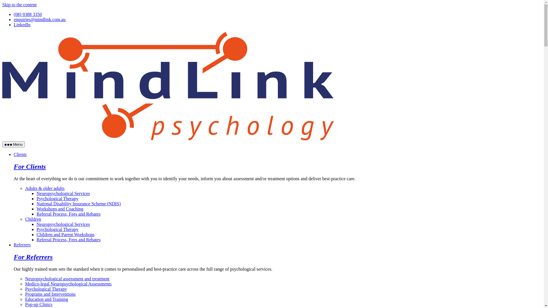  What do you see at coordinates (50, 294) in the screenshot?
I see `'Programs and Interventions'` at bounding box center [50, 294].